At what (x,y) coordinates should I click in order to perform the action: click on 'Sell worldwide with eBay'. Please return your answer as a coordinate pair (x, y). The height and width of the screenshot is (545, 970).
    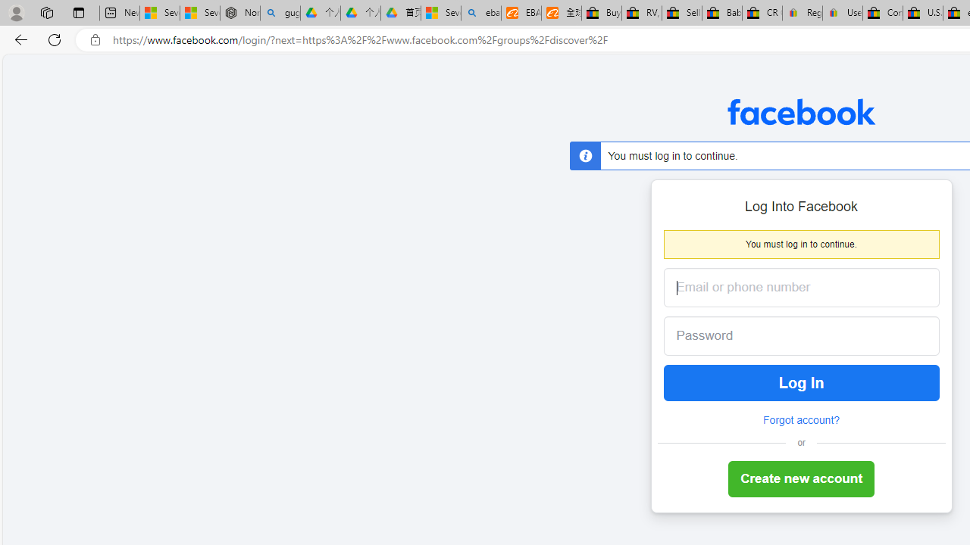
    Looking at the image, I should click on (681, 13).